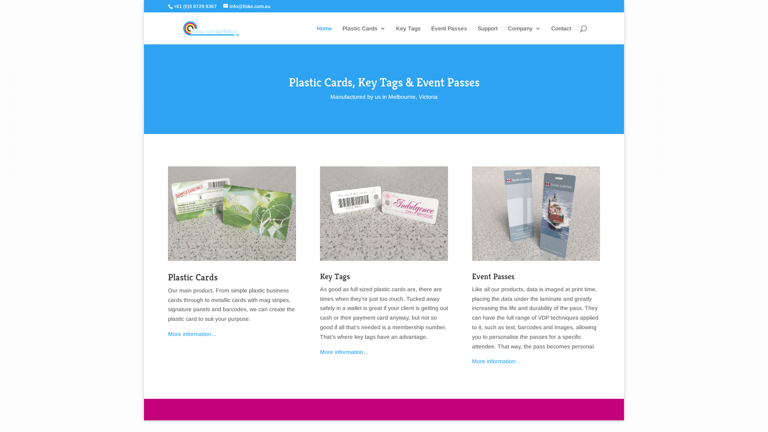 The image size is (768, 432). Describe the element at coordinates (487, 34) in the screenshot. I see `'Support'` at that location.